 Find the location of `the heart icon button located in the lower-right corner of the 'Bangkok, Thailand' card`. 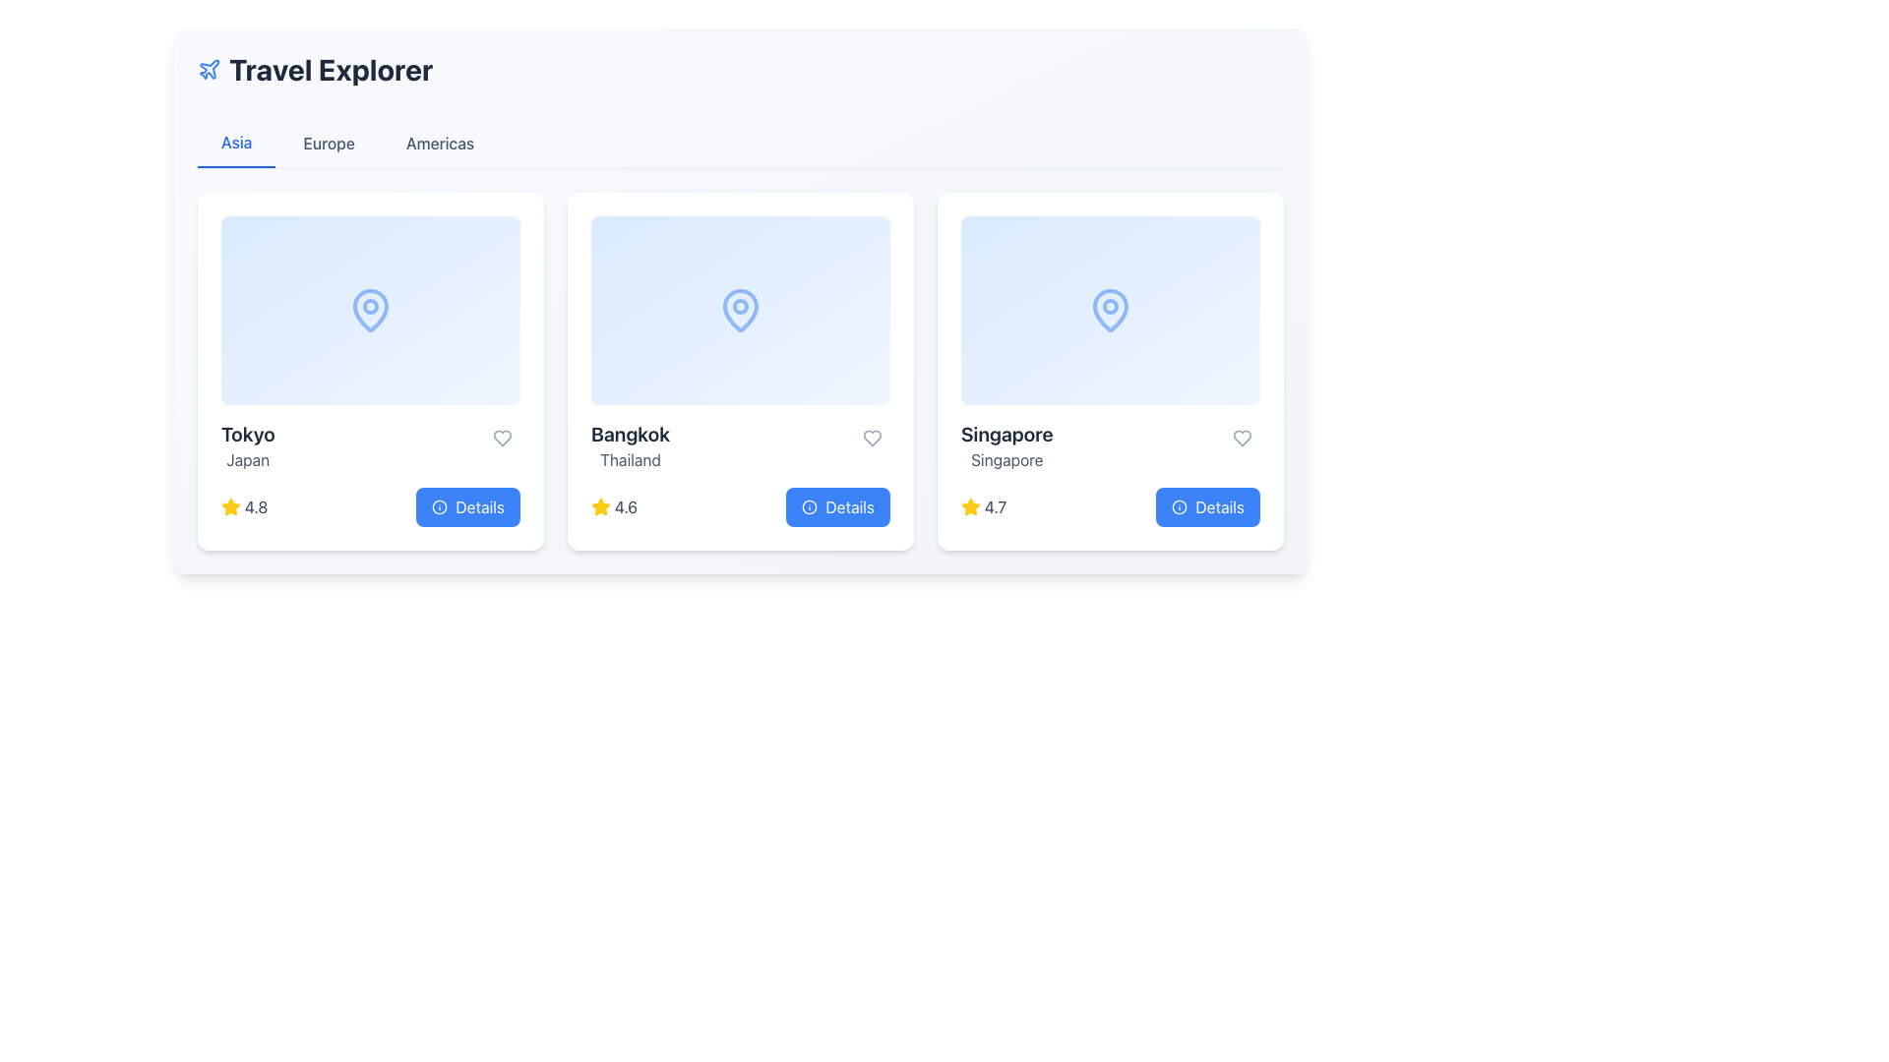

the heart icon button located in the lower-right corner of the 'Bangkok, Thailand' card is located at coordinates (872, 438).